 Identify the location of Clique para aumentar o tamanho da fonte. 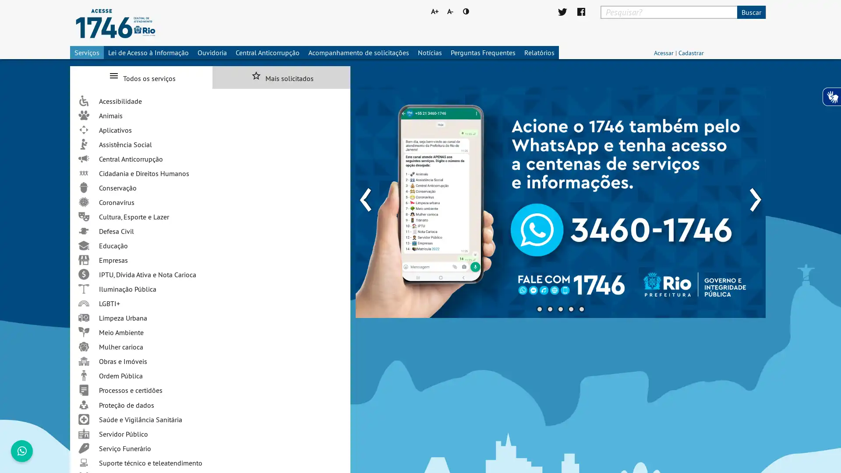
(433, 11).